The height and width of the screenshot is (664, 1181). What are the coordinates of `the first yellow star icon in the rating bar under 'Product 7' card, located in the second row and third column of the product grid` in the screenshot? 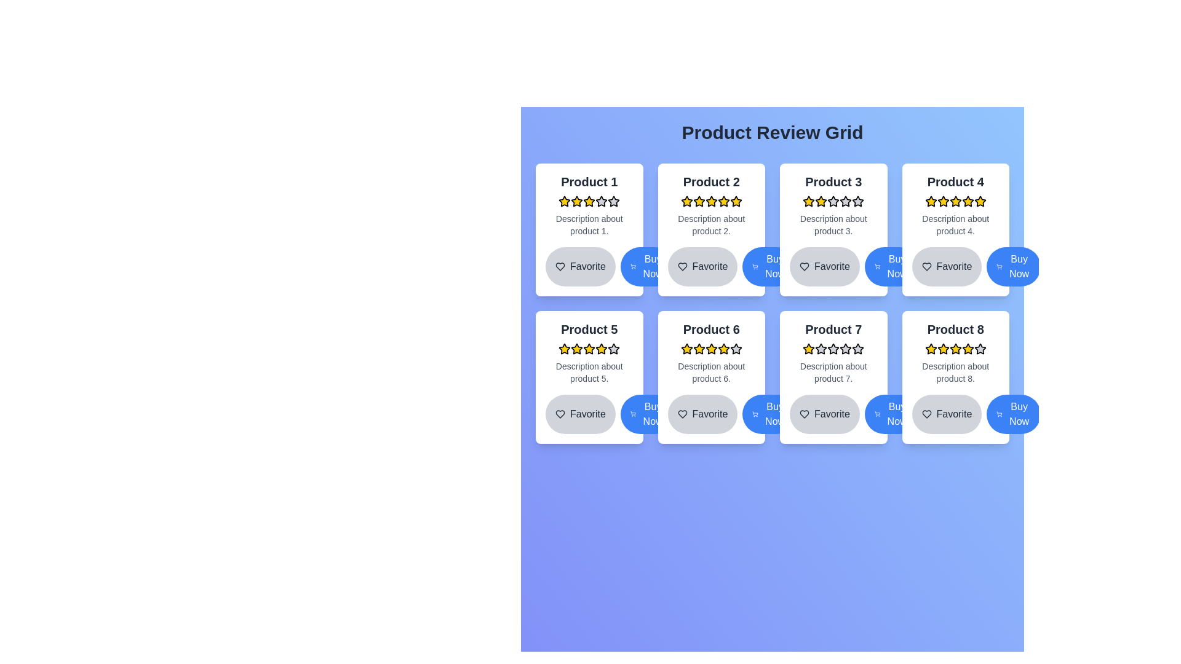 It's located at (809, 349).